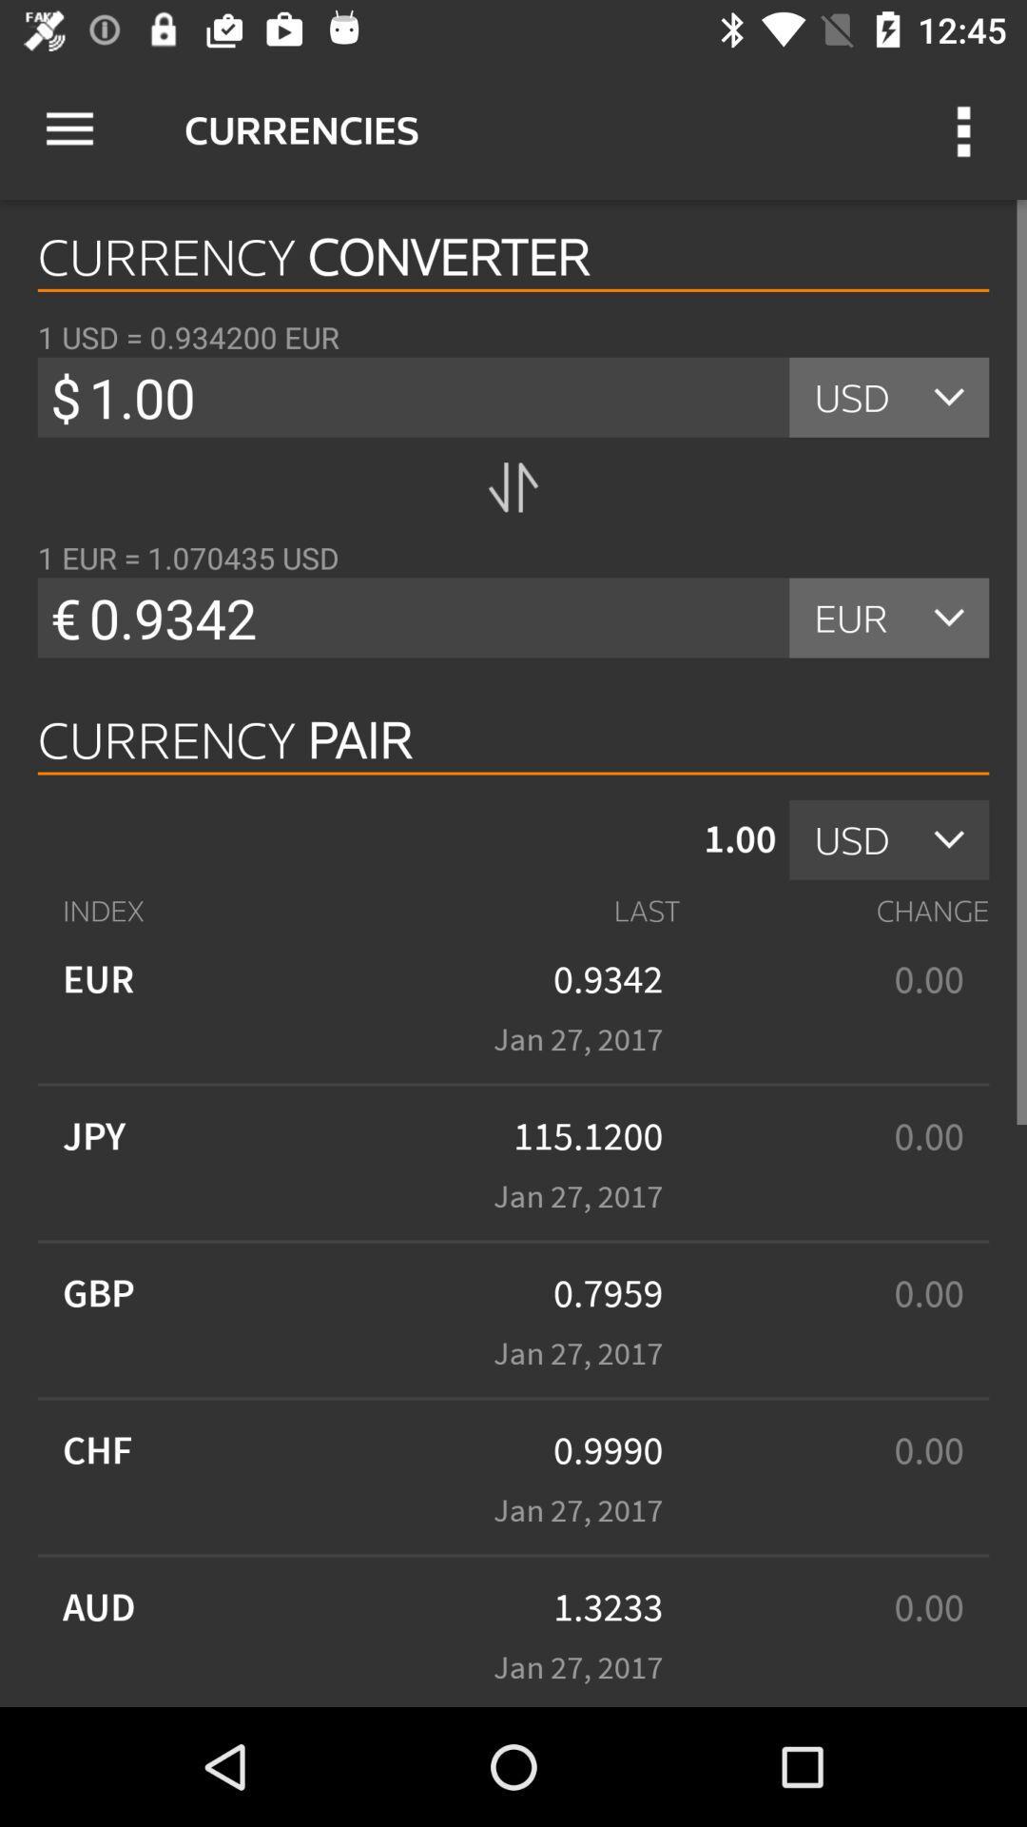  Describe the element at coordinates (967, 128) in the screenshot. I see `the item to the right of the currencies icon` at that location.